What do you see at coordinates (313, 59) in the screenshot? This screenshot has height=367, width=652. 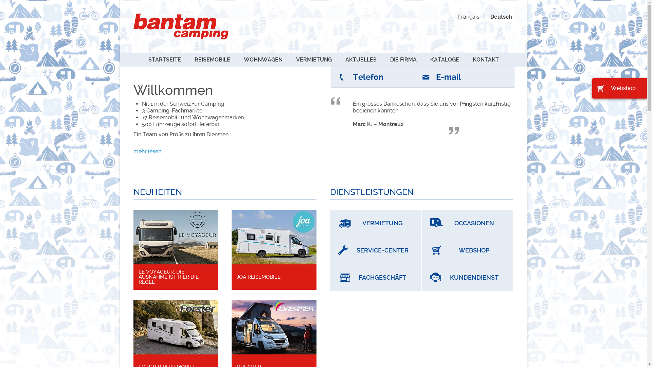 I see `'VERMIETUNG'` at bounding box center [313, 59].